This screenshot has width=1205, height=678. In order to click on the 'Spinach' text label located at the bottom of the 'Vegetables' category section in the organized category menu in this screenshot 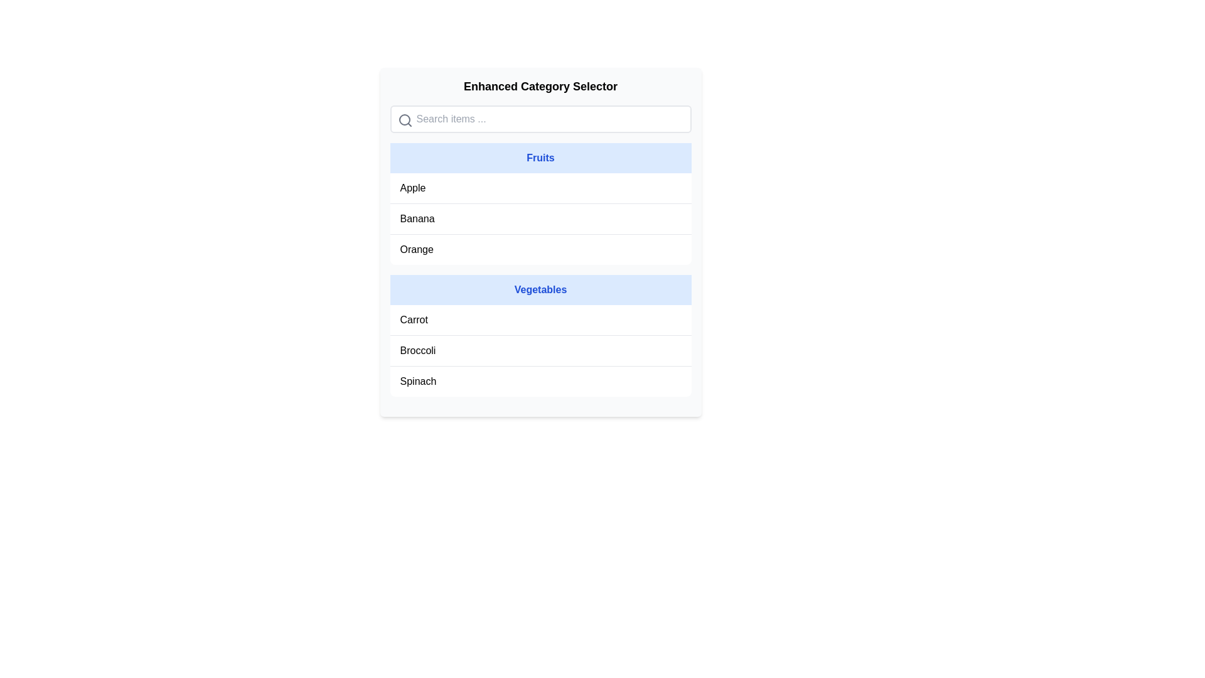, I will do `click(418, 381)`.